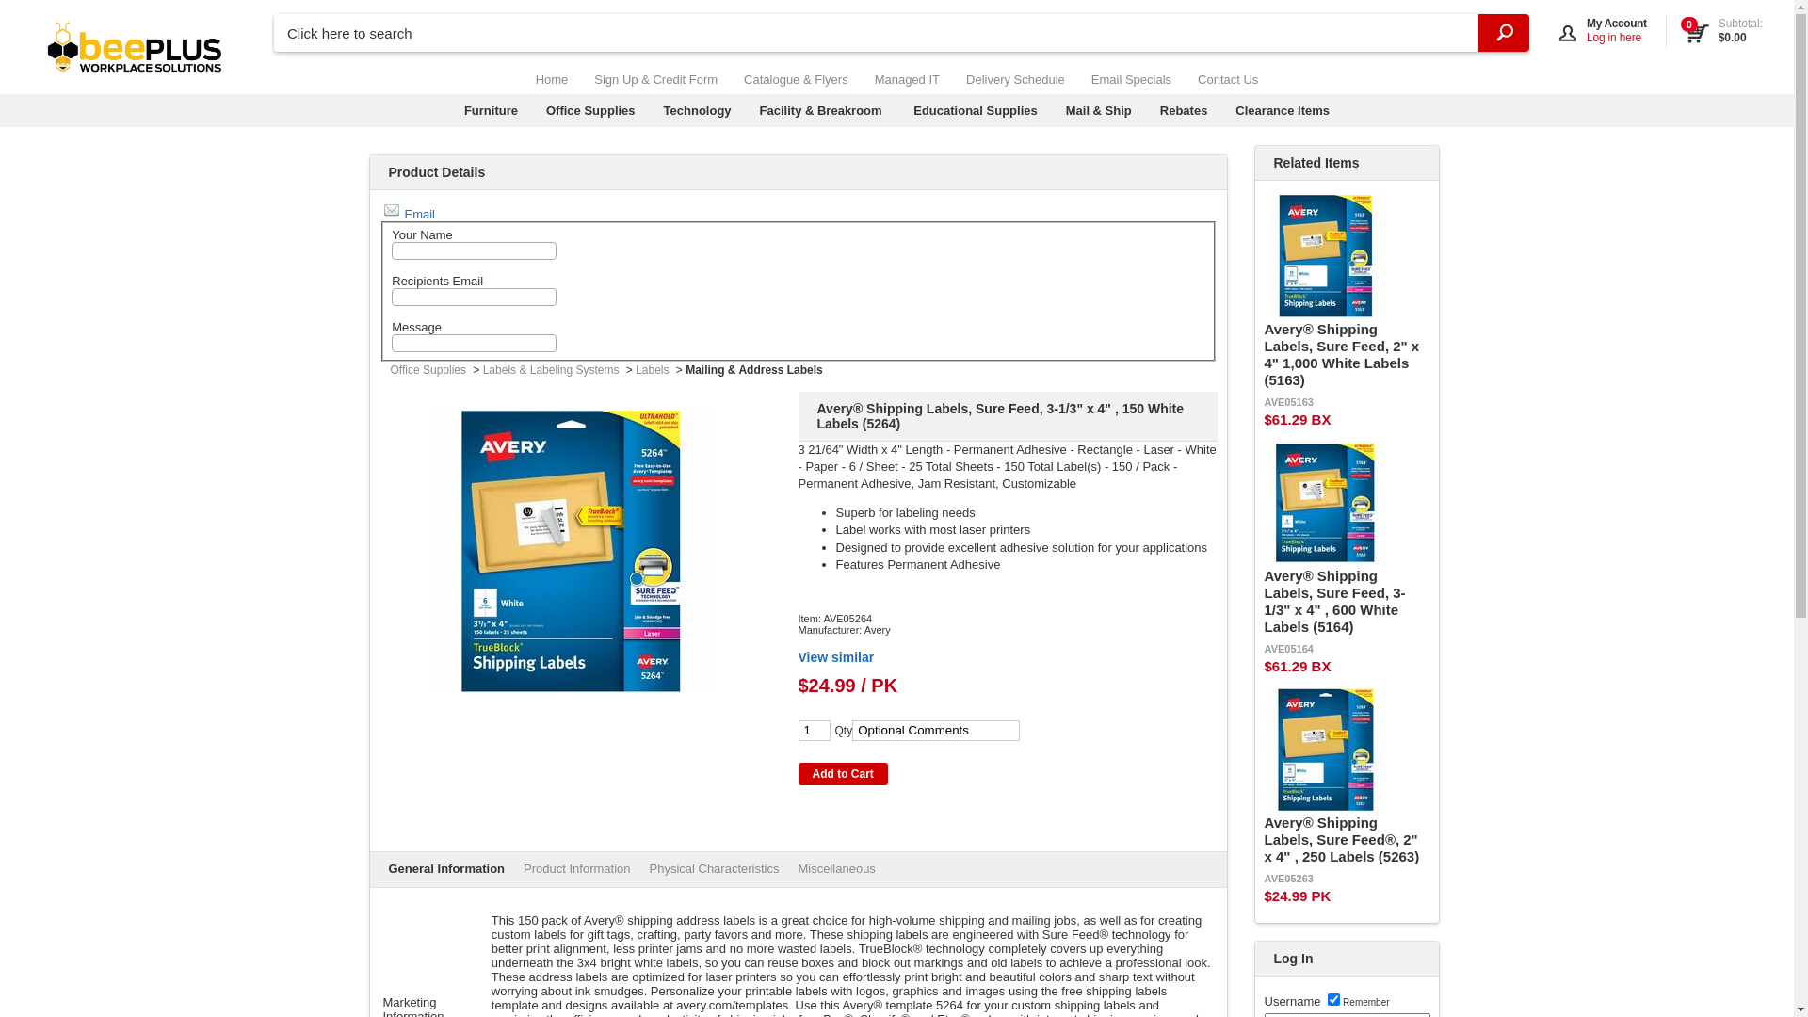  What do you see at coordinates (1183, 110) in the screenshot?
I see `'Rebates'` at bounding box center [1183, 110].